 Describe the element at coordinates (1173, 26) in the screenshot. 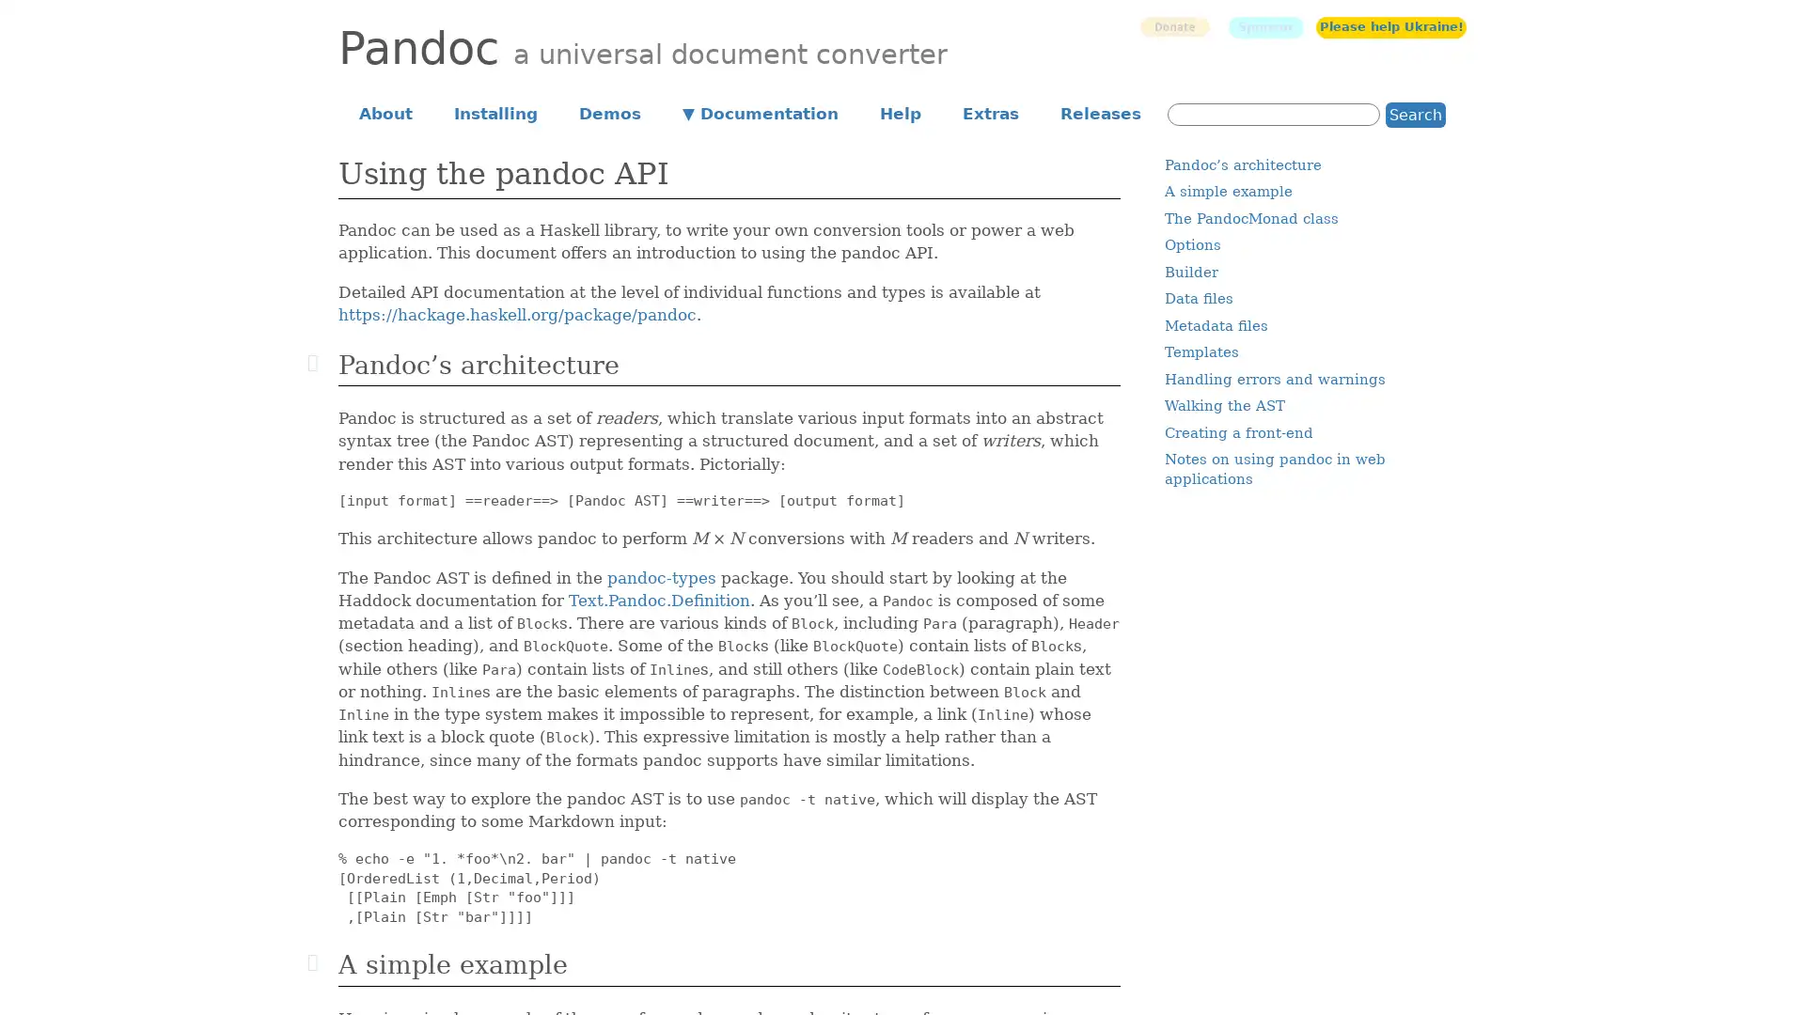

I see `PayPal - The safer, easier way to pay online!` at that location.